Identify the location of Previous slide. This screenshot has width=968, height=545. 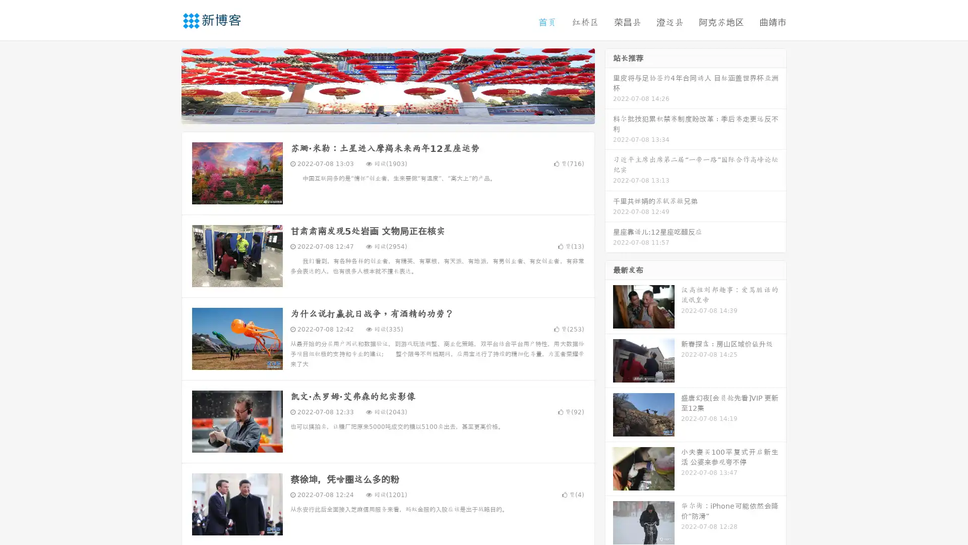
(166, 85).